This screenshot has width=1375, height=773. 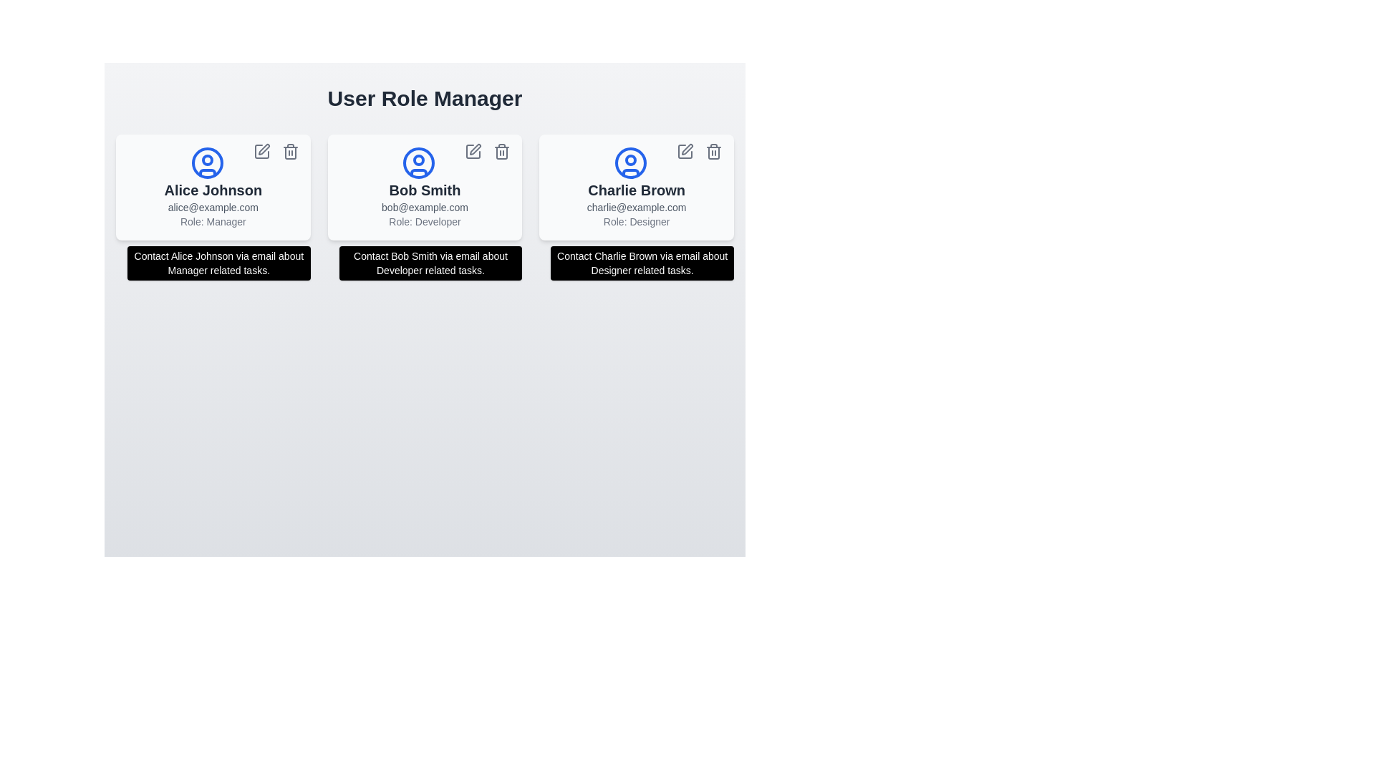 What do you see at coordinates (418, 162) in the screenshot?
I see `the avatar icon representing the user named Bob Smith, which is positioned at the top of the middle card in a row of similar cards` at bounding box center [418, 162].